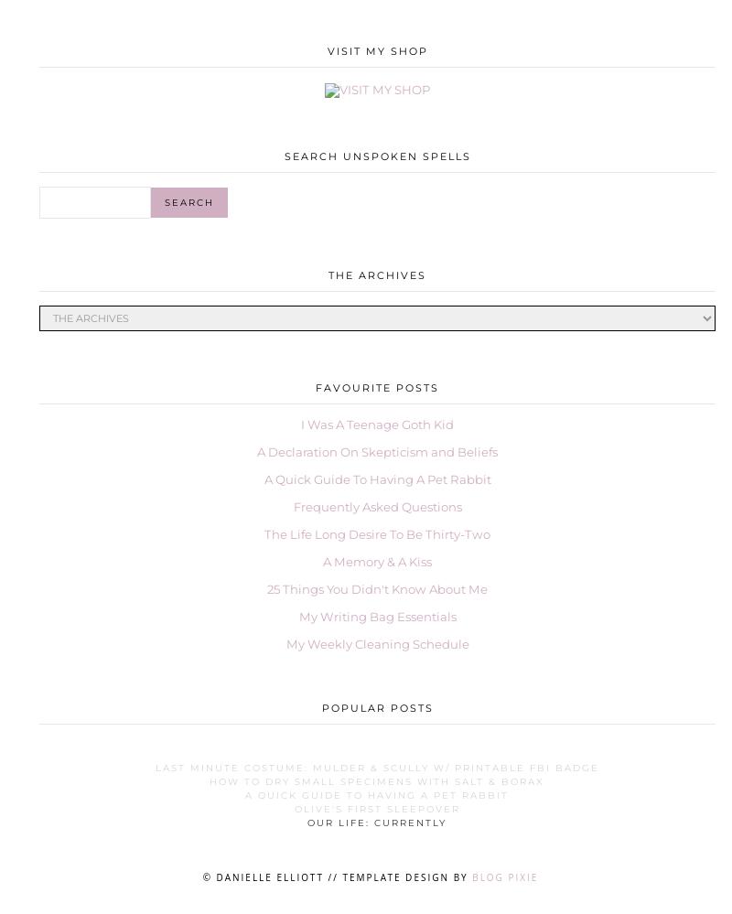 Image resolution: width=732 pixels, height=914 pixels. What do you see at coordinates (377, 617) in the screenshot?
I see `'My Writing Bag Essentials'` at bounding box center [377, 617].